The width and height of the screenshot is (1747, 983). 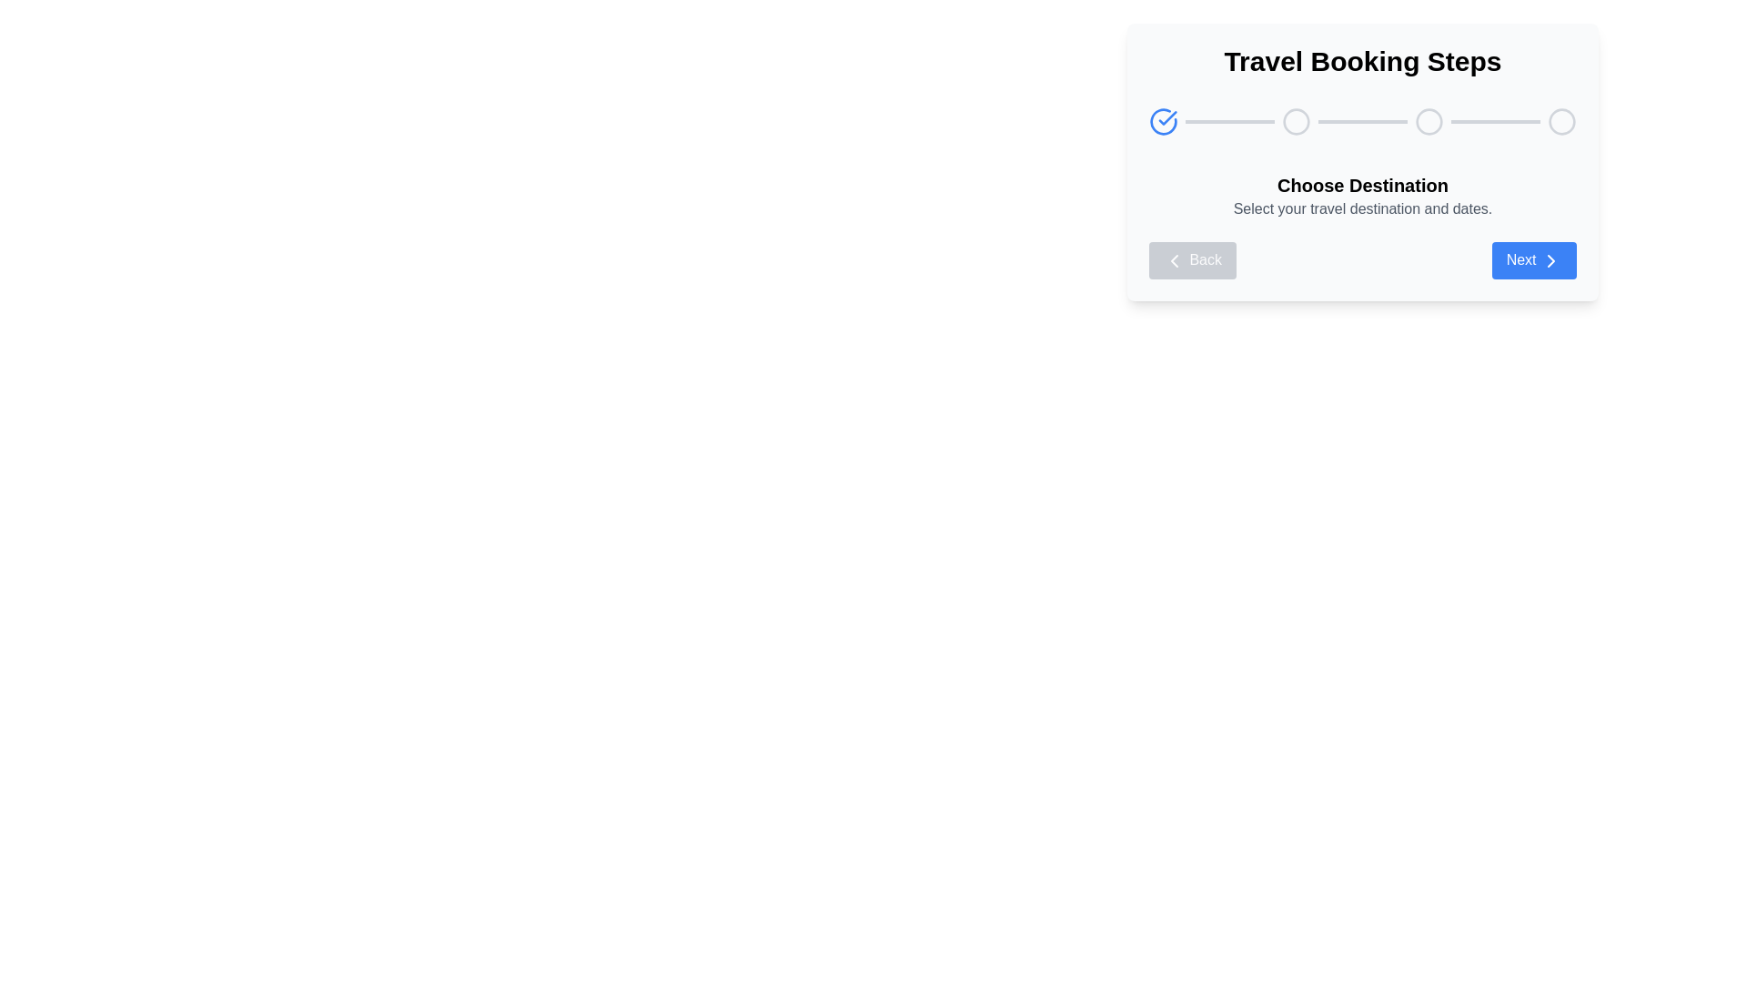 I want to click on the circular icon with a blue check mark, which is the first in a horizontal sequence of icons indicating progress or completion, so click(x=1162, y=122).